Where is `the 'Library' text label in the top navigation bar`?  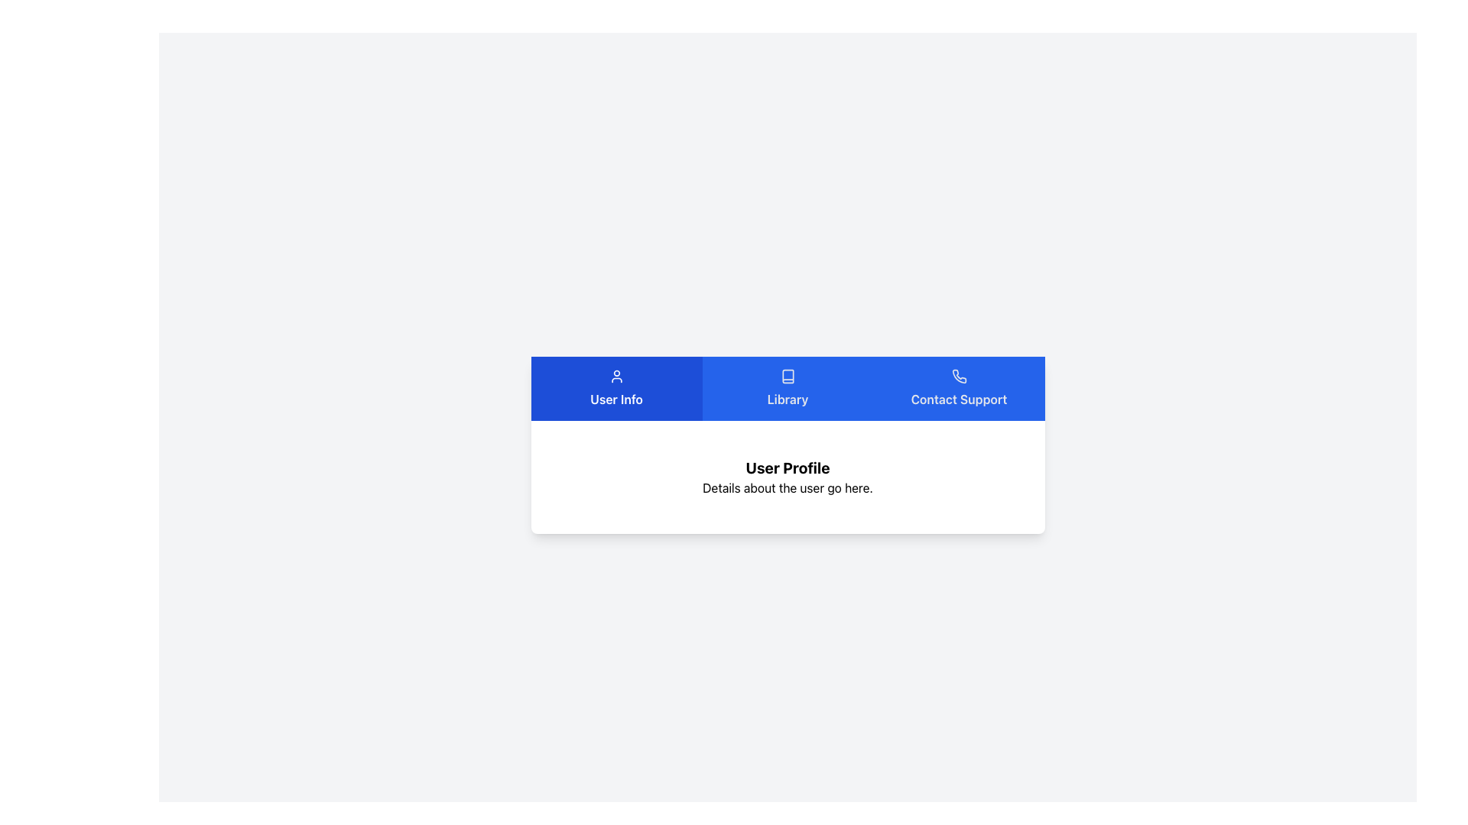 the 'Library' text label in the top navigation bar is located at coordinates (788, 399).